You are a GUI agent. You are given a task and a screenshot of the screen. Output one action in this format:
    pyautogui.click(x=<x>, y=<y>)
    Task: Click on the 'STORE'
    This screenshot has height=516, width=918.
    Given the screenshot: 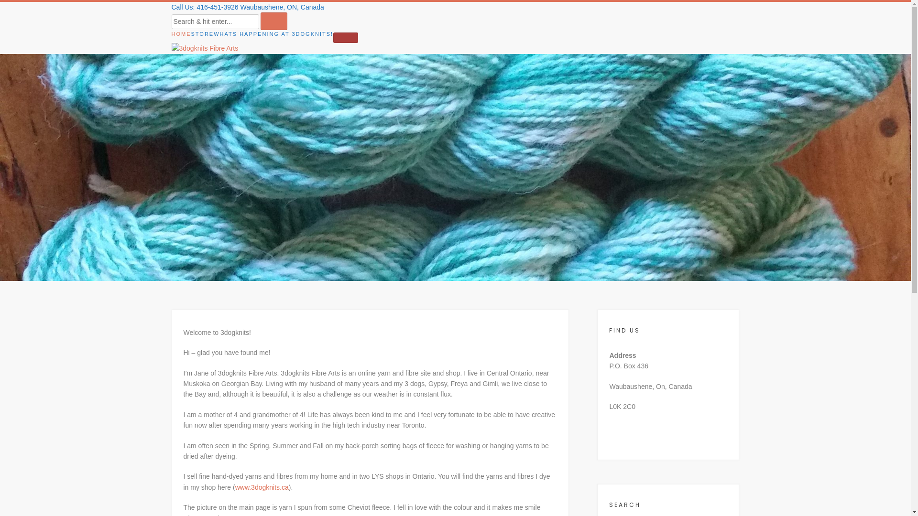 What is the action you would take?
    pyautogui.click(x=191, y=34)
    